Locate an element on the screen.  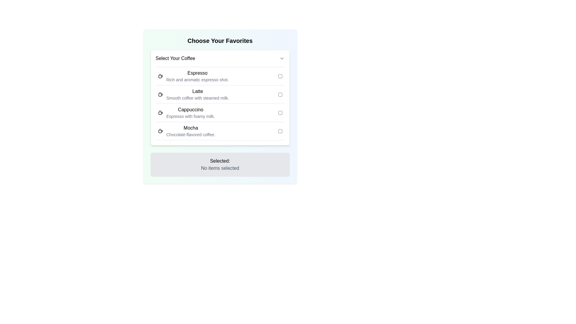
outside the informational text block that displays details about the 'Mocha' coffee option, located in the fourth row of the coffee options list is located at coordinates (190, 130).